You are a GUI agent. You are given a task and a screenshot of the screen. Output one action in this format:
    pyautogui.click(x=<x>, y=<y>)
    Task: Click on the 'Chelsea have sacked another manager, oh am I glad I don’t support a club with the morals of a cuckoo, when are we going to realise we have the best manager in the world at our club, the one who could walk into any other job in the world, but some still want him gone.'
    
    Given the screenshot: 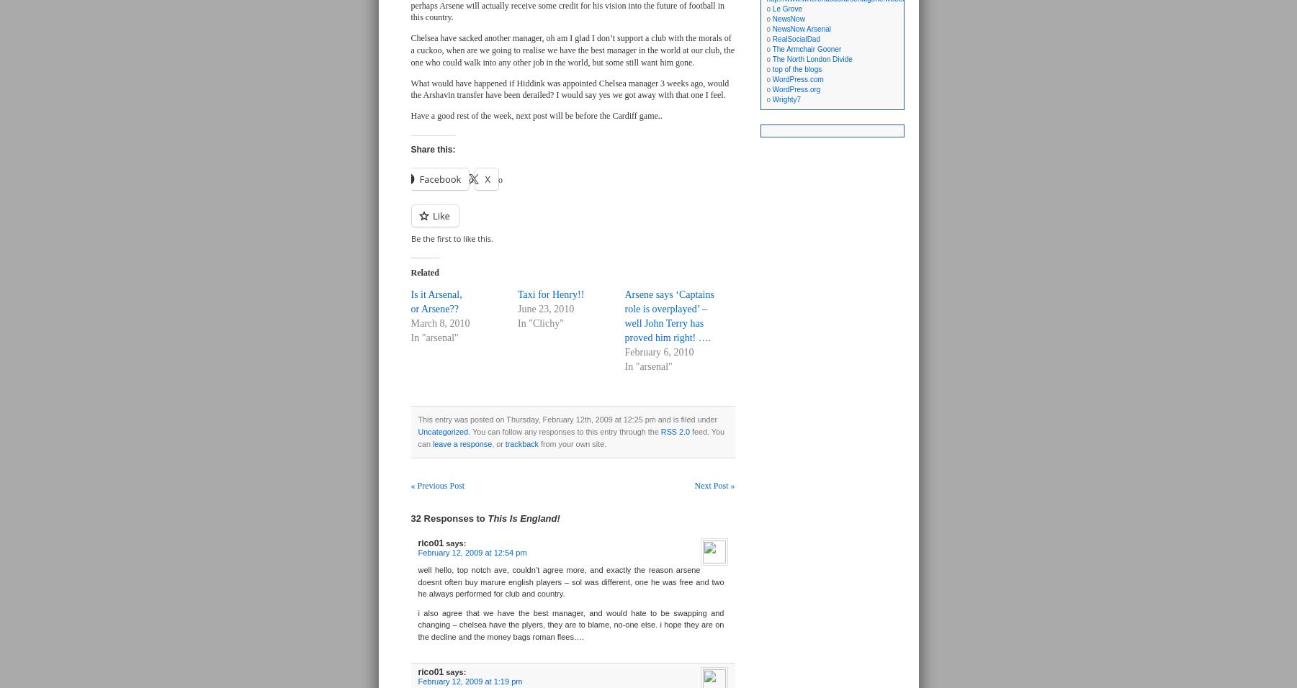 What is the action you would take?
    pyautogui.click(x=410, y=49)
    